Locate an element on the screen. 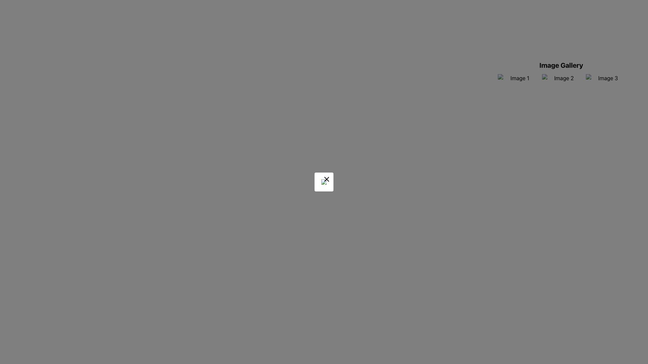 This screenshot has width=648, height=364. the close button located at the top-right corner of the white modal is located at coordinates (327, 179).